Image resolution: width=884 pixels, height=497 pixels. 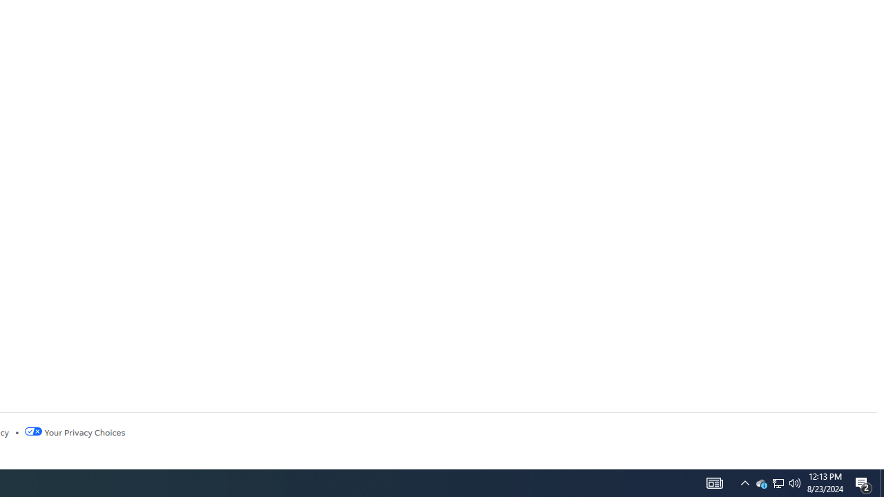 I want to click on ' Your Privacy Choices', so click(x=74, y=431).